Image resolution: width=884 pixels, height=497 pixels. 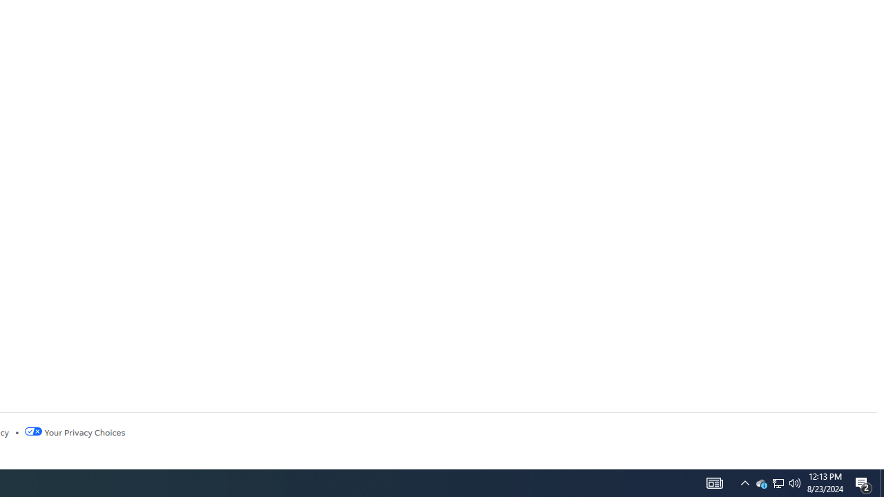 I want to click on ' Your Privacy Choices', so click(x=74, y=431).